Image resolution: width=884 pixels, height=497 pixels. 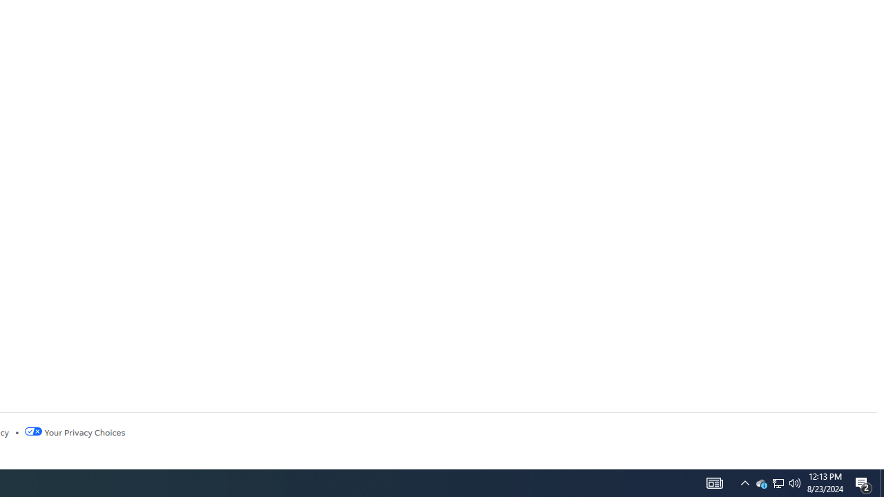 I want to click on ' Your Privacy Choices', so click(x=74, y=431).